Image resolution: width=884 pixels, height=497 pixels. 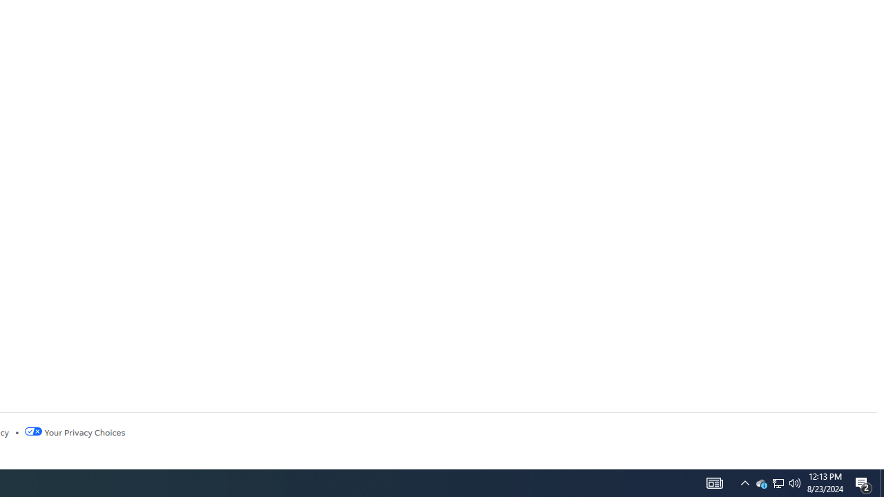 I want to click on ' Your Privacy Choices', so click(x=74, y=431).